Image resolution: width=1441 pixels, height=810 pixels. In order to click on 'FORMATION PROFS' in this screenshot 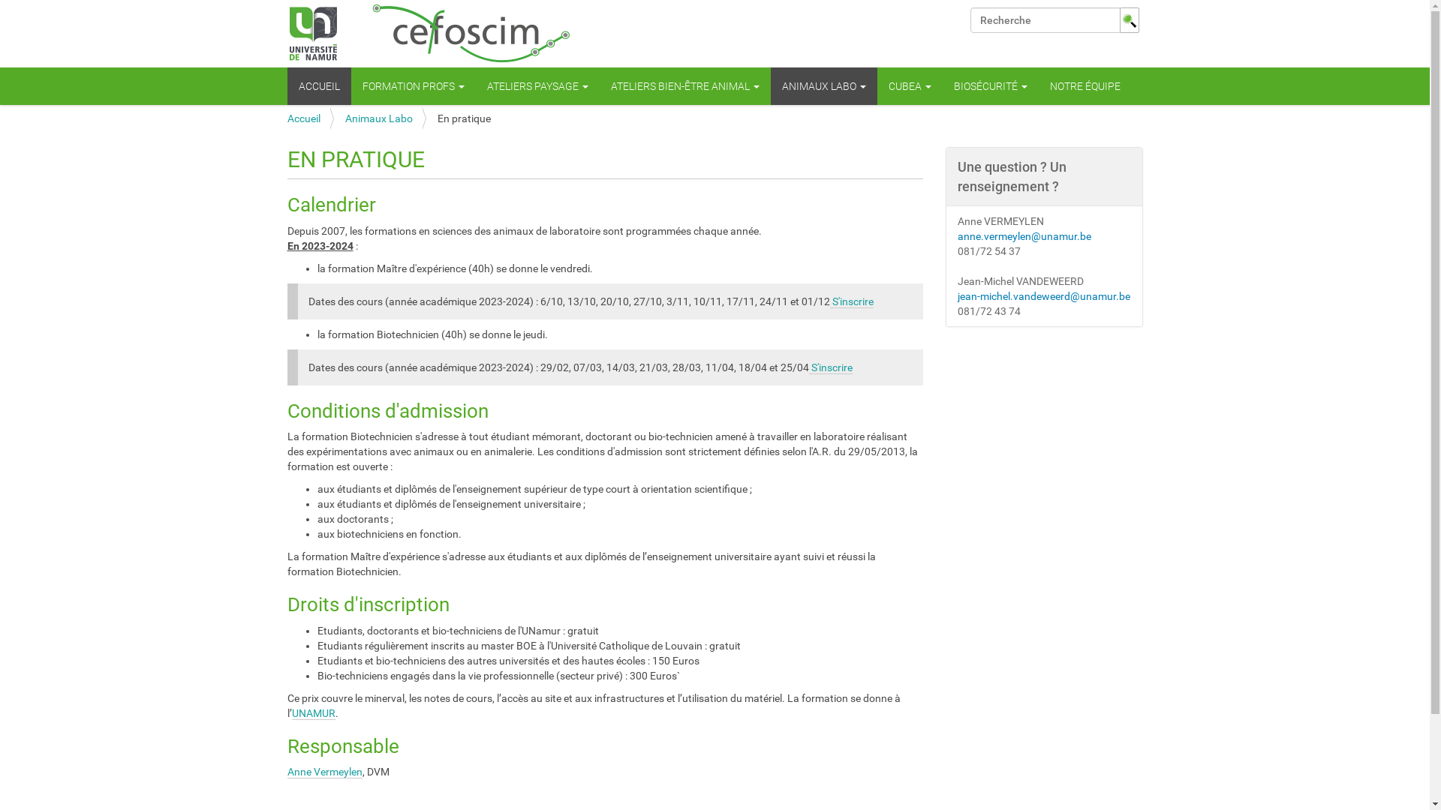, I will do `click(414, 86)`.